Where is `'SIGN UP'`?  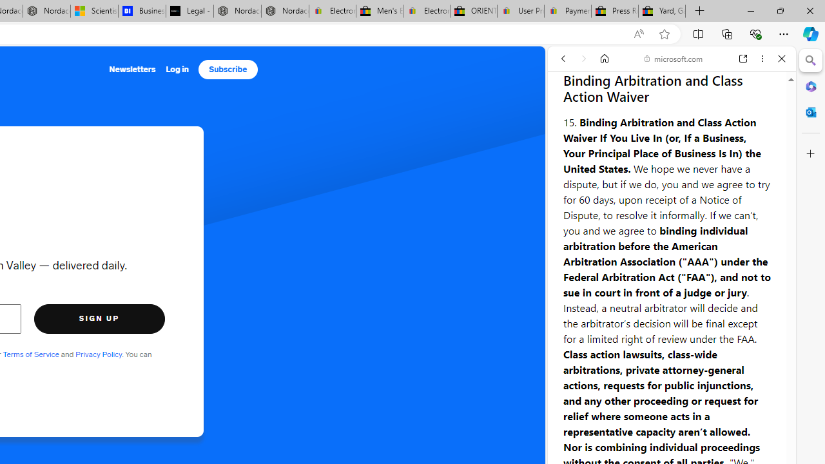 'SIGN UP' is located at coordinates (99, 318).